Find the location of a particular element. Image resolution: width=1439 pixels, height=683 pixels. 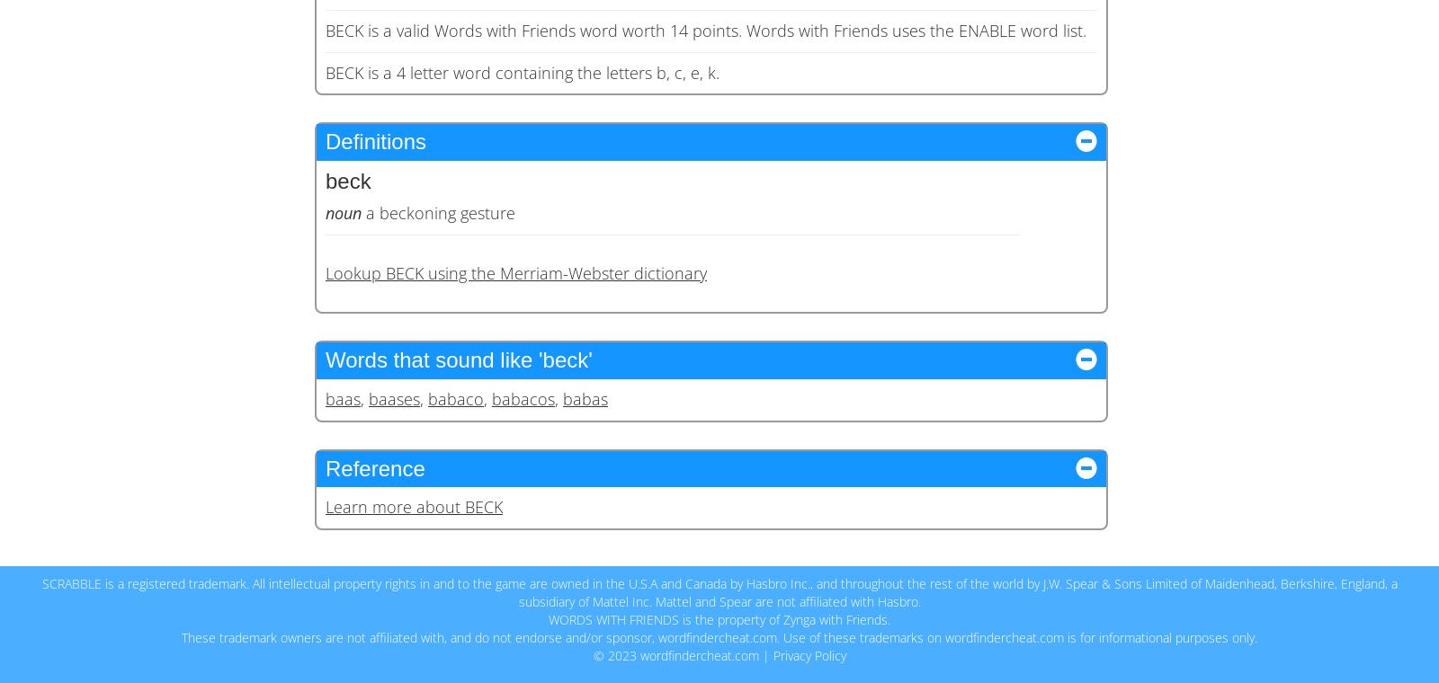

'baases' is located at coordinates (393, 397).